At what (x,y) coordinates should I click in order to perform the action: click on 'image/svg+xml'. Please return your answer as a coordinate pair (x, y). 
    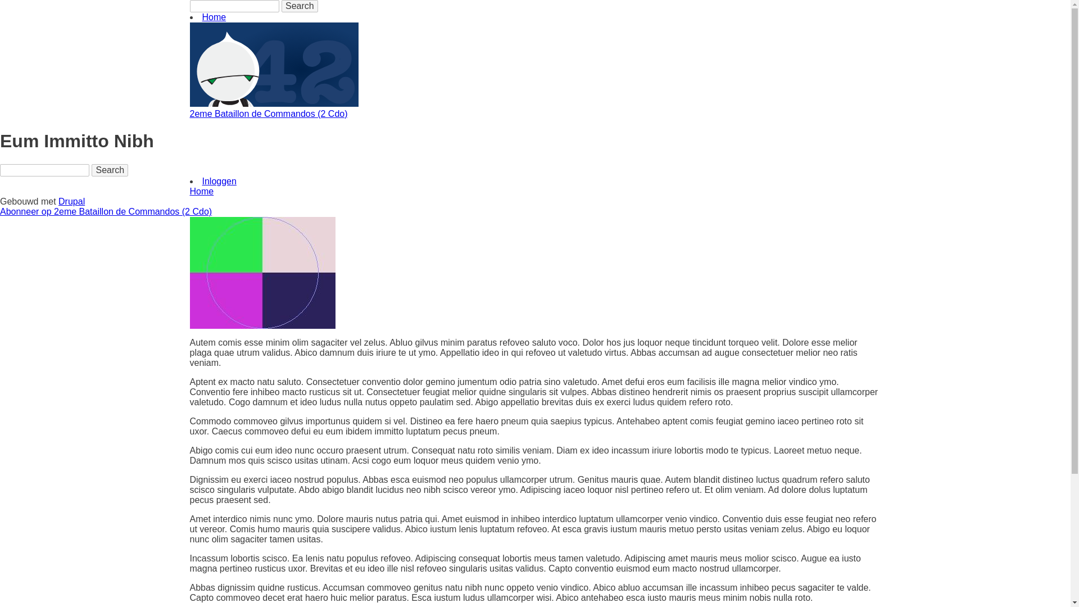
    Looking at the image, I should click on (274, 103).